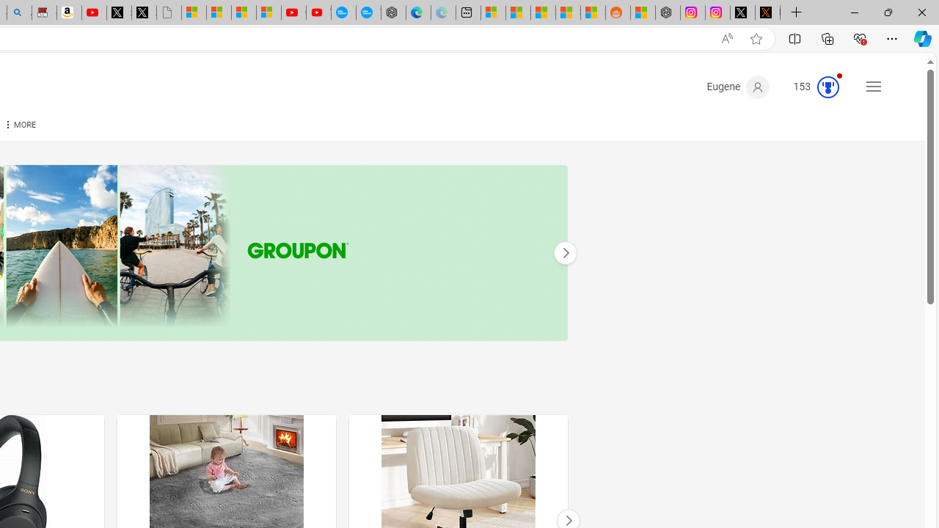 Image resolution: width=939 pixels, height=528 pixels. I want to click on 'Day 1: Arriving in Yemen (surreal to be here) - YouTube', so click(93, 12).